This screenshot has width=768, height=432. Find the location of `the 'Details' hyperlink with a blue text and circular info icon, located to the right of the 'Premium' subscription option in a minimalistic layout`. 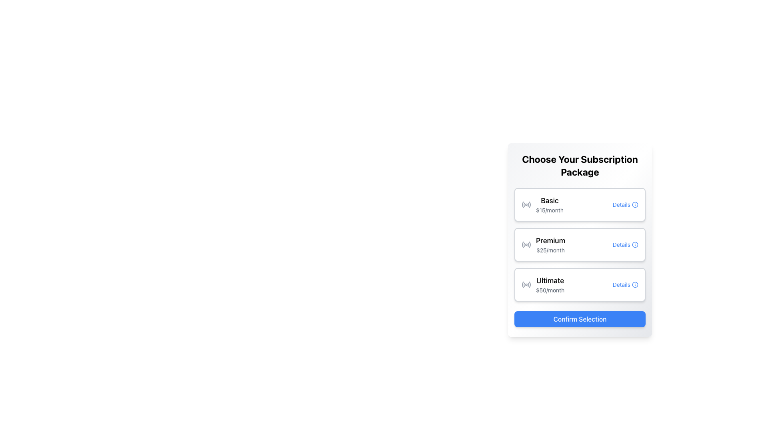

the 'Details' hyperlink with a blue text and circular info icon, located to the right of the 'Premium' subscription option in a minimalistic layout is located at coordinates (625, 244).